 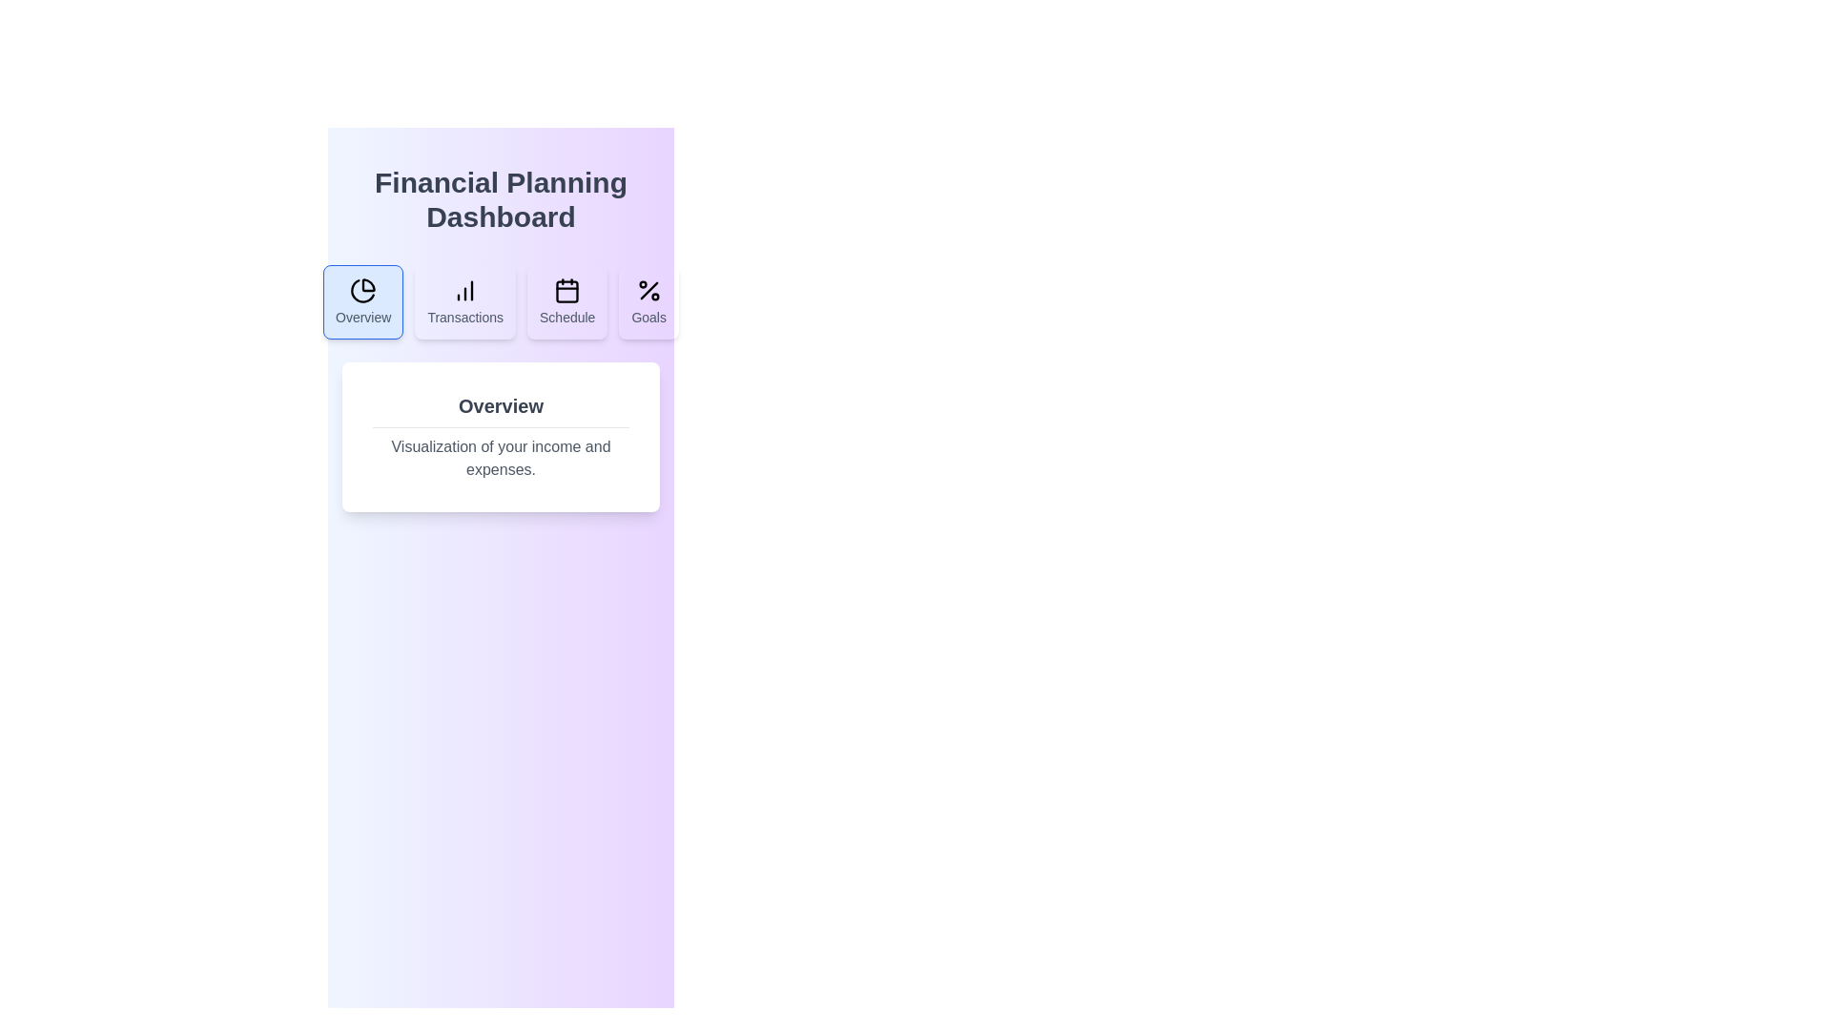 What do you see at coordinates (566, 300) in the screenshot?
I see `the third button in the horizontal row of four buttons on the dashboard` at bounding box center [566, 300].